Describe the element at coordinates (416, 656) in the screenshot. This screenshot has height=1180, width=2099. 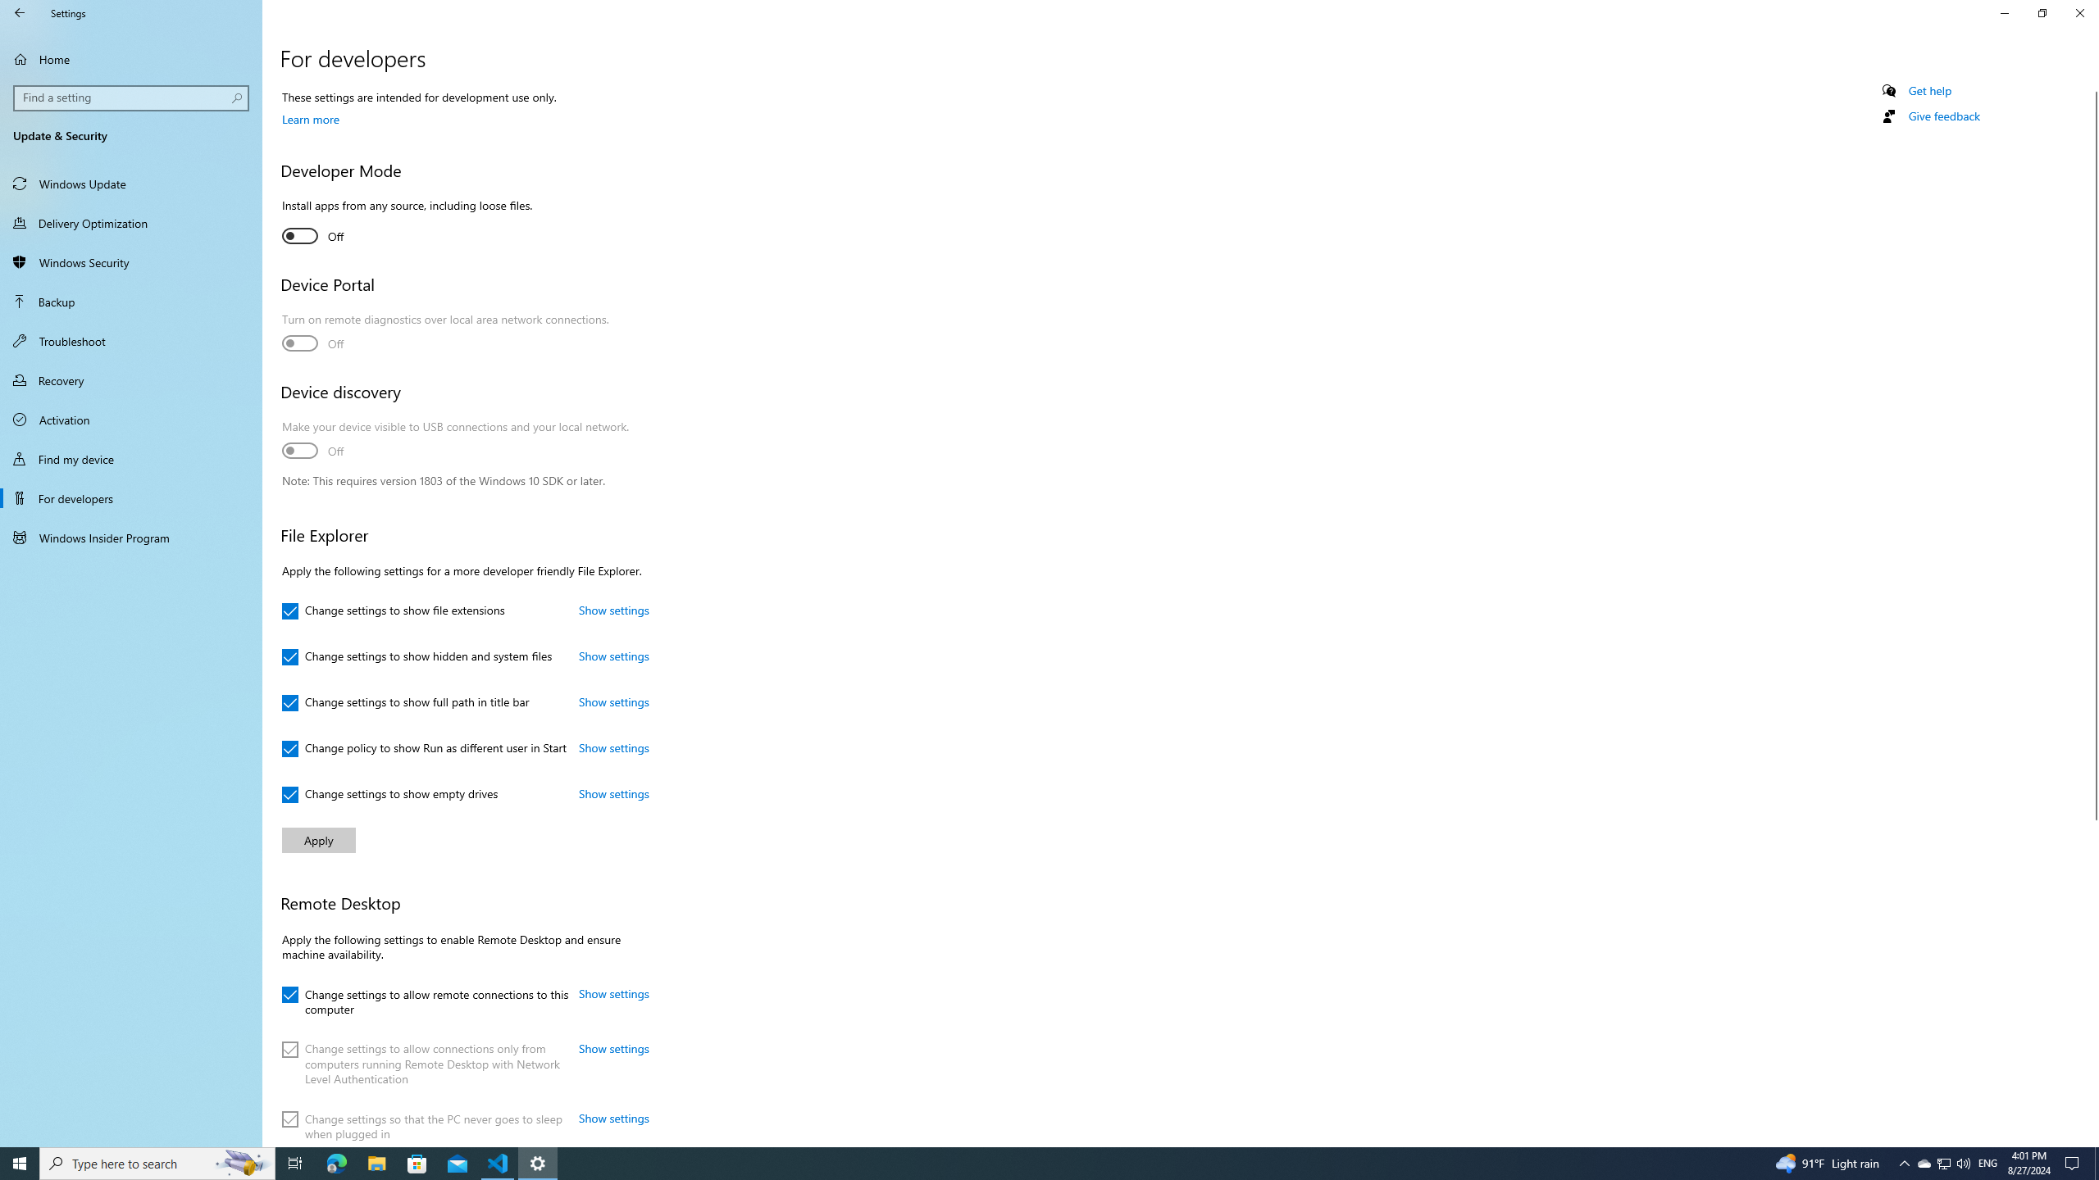
I see `'Change settings to show hidden and system files'` at that location.